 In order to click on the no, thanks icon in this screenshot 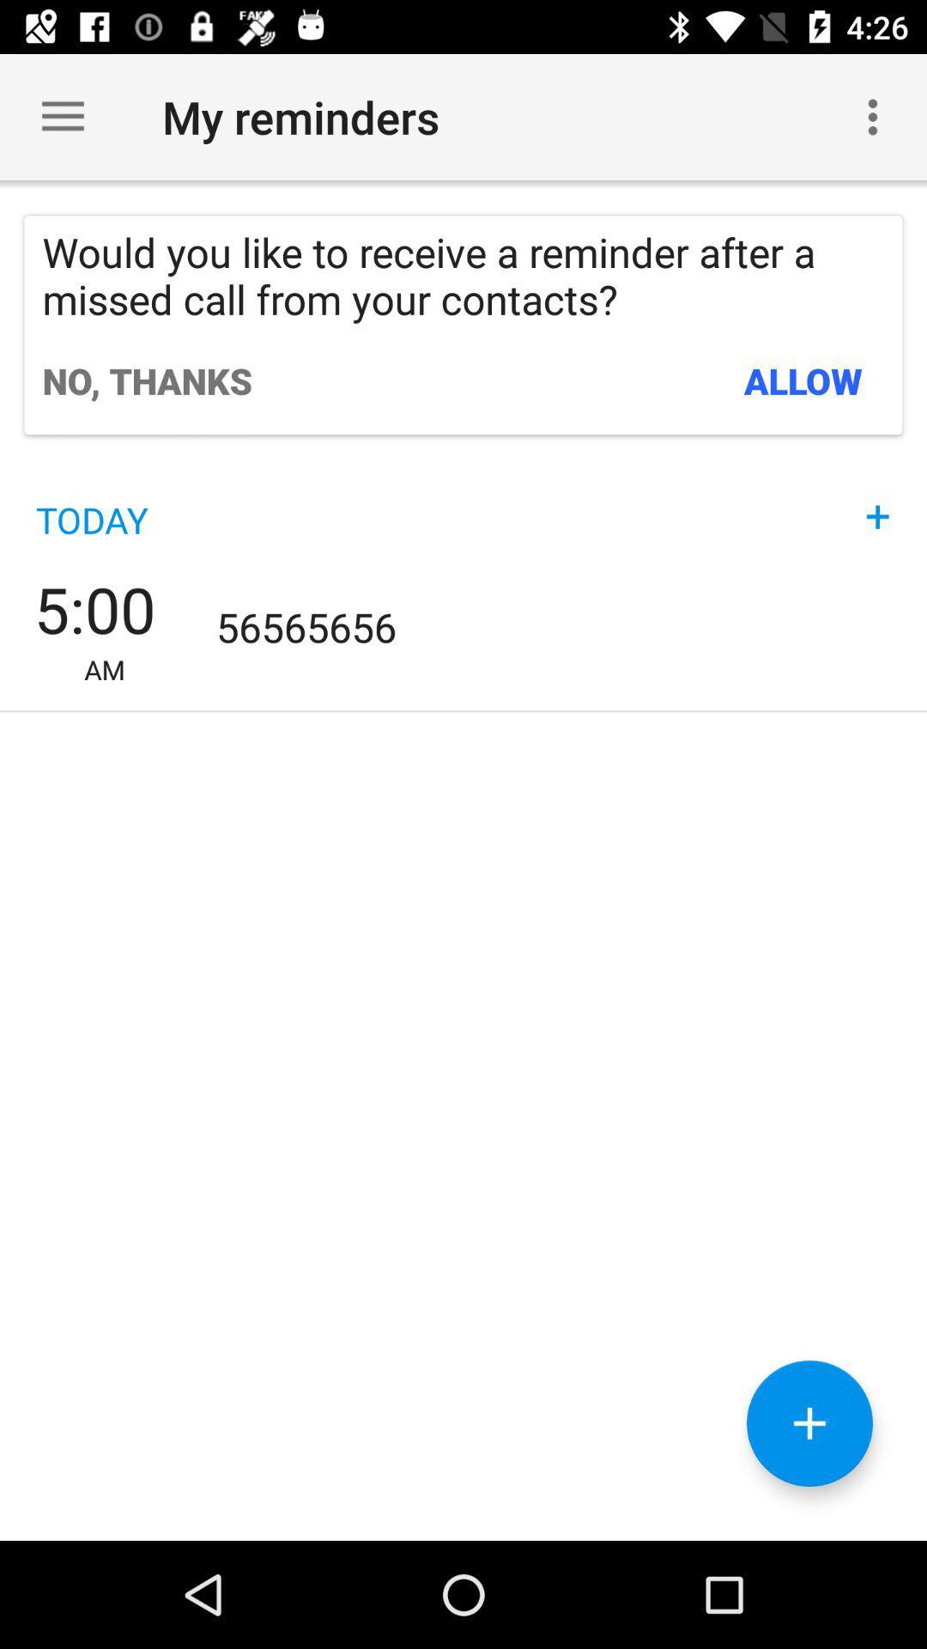, I will do `click(146, 380)`.